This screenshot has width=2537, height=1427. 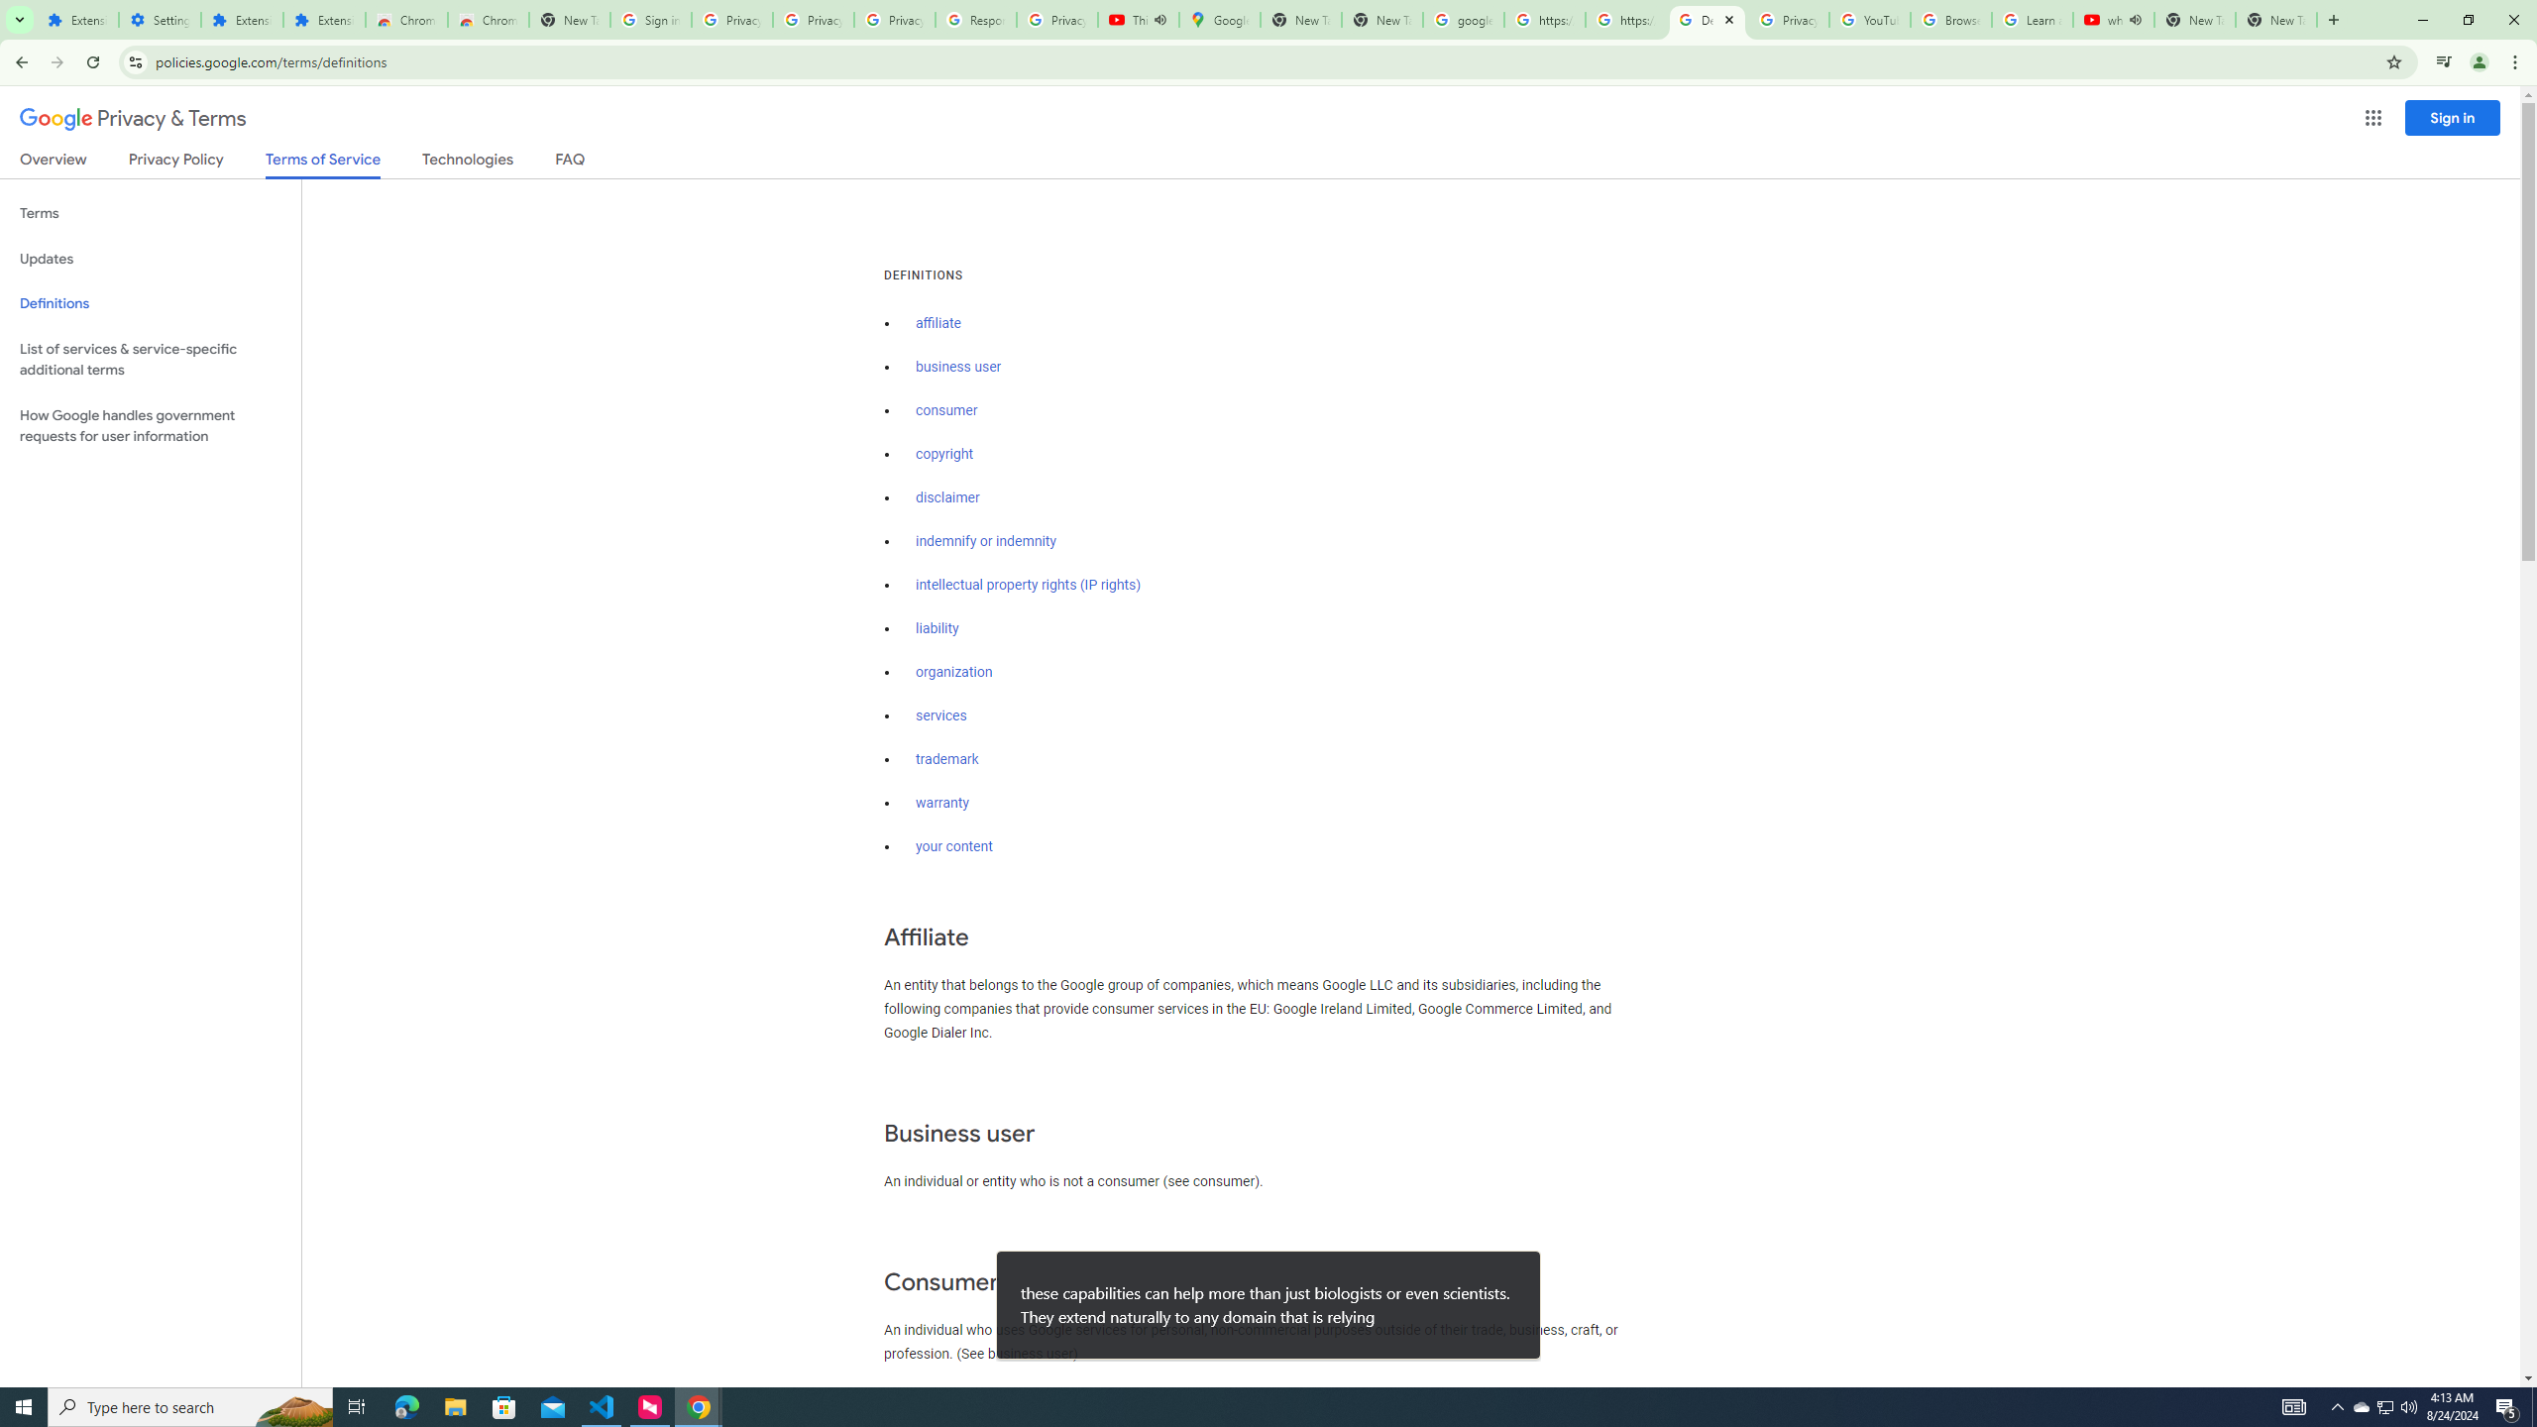 I want to click on 'Chrome Web Store - Themes', so click(x=488, y=19).